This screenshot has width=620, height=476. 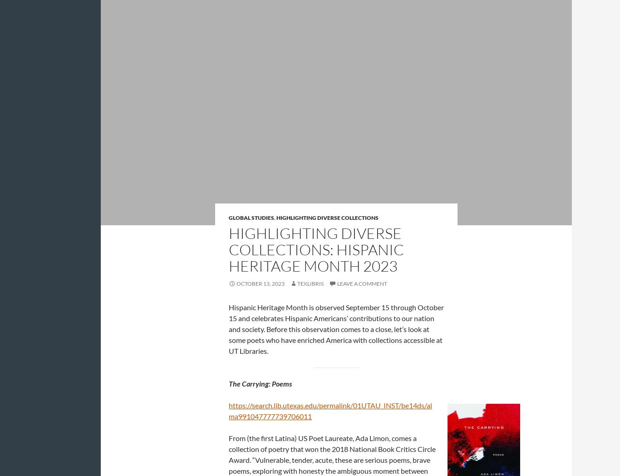 I want to click on 'The Carrying: Poems', so click(x=260, y=383).